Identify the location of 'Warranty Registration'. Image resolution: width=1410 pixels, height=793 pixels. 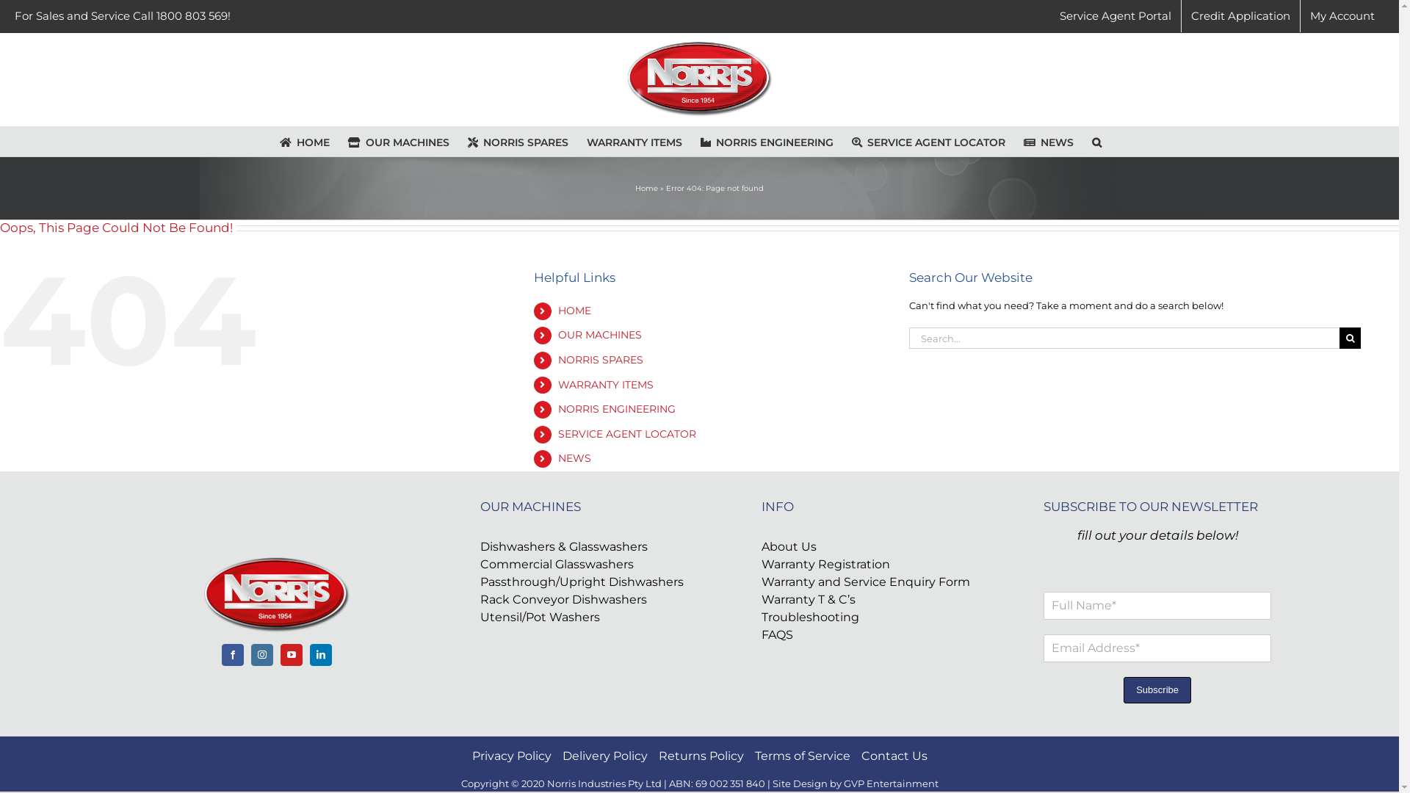
(875, 563).